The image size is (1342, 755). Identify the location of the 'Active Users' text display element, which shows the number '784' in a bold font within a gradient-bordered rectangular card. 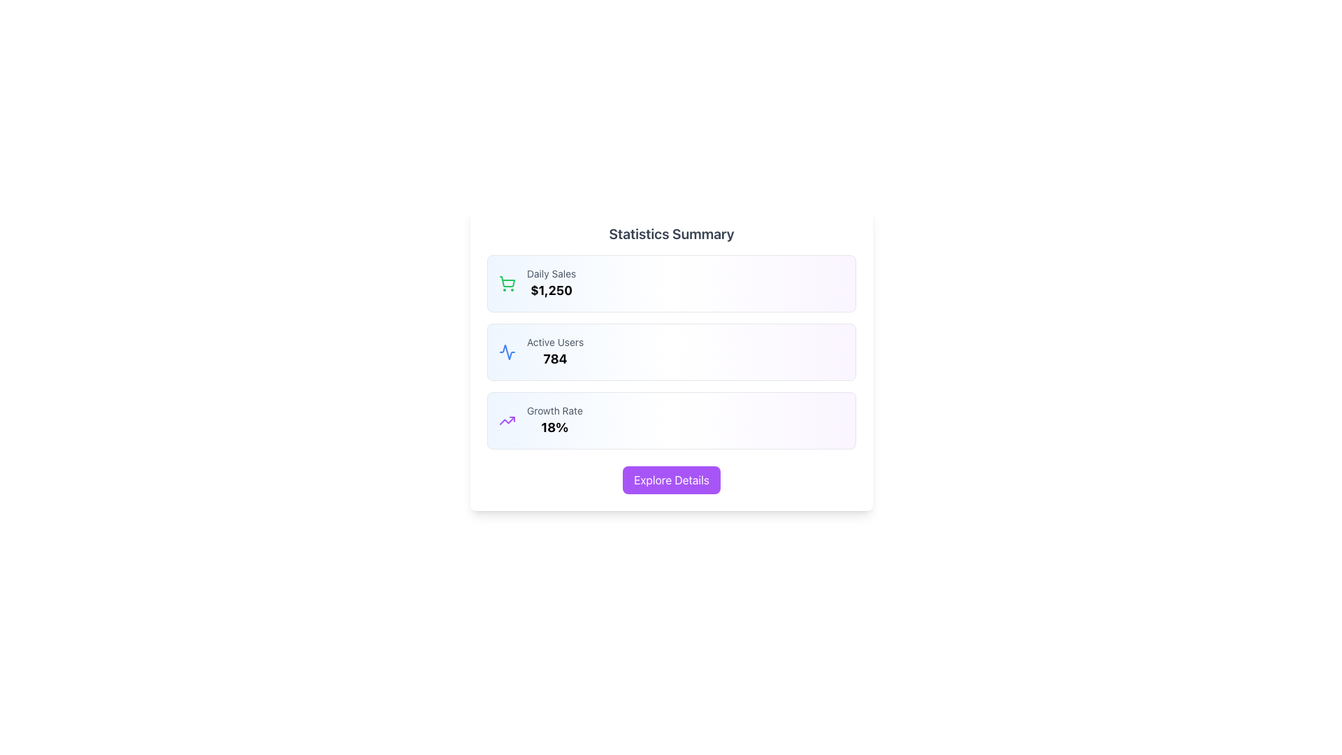
(554, 352).